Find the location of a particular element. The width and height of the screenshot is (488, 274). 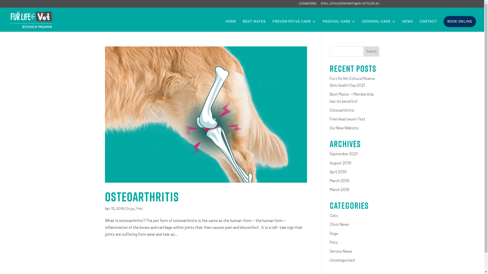

'April 2019' is located at coordinates (338, 172).